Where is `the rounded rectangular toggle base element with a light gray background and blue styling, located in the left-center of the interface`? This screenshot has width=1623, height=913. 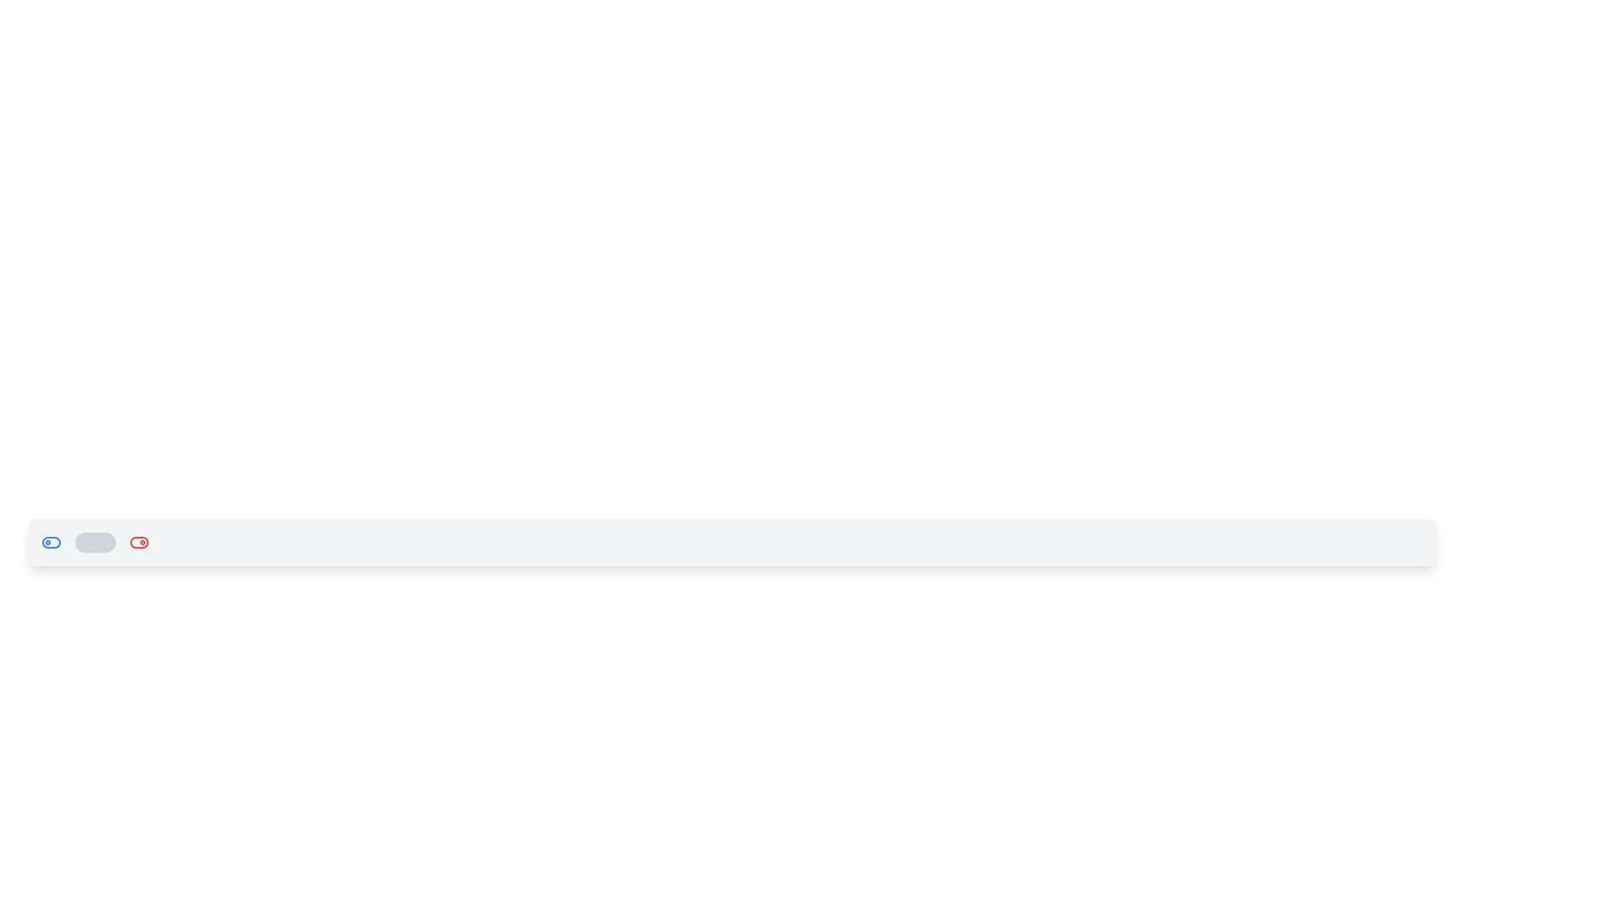
the rounded rectangular toggle base element with a light gray background and blue styling, located in the left-center of the interface is located at coordinates (52, 542).